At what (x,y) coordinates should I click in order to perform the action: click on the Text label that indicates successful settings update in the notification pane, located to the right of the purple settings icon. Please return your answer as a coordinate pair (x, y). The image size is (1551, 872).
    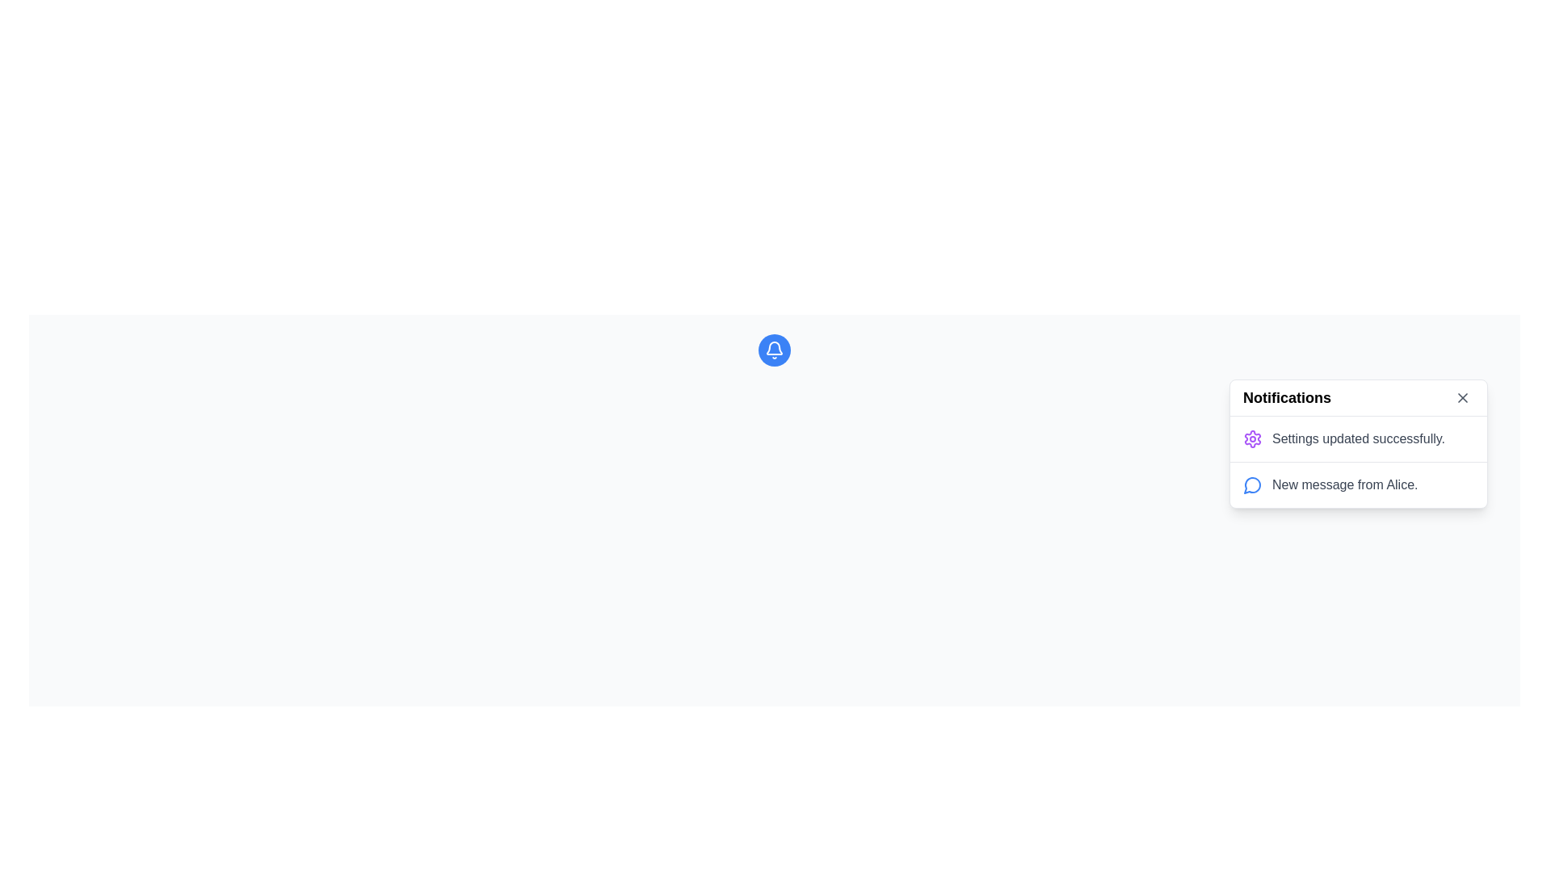
    Looking at the image, I should click on (1358, 438).